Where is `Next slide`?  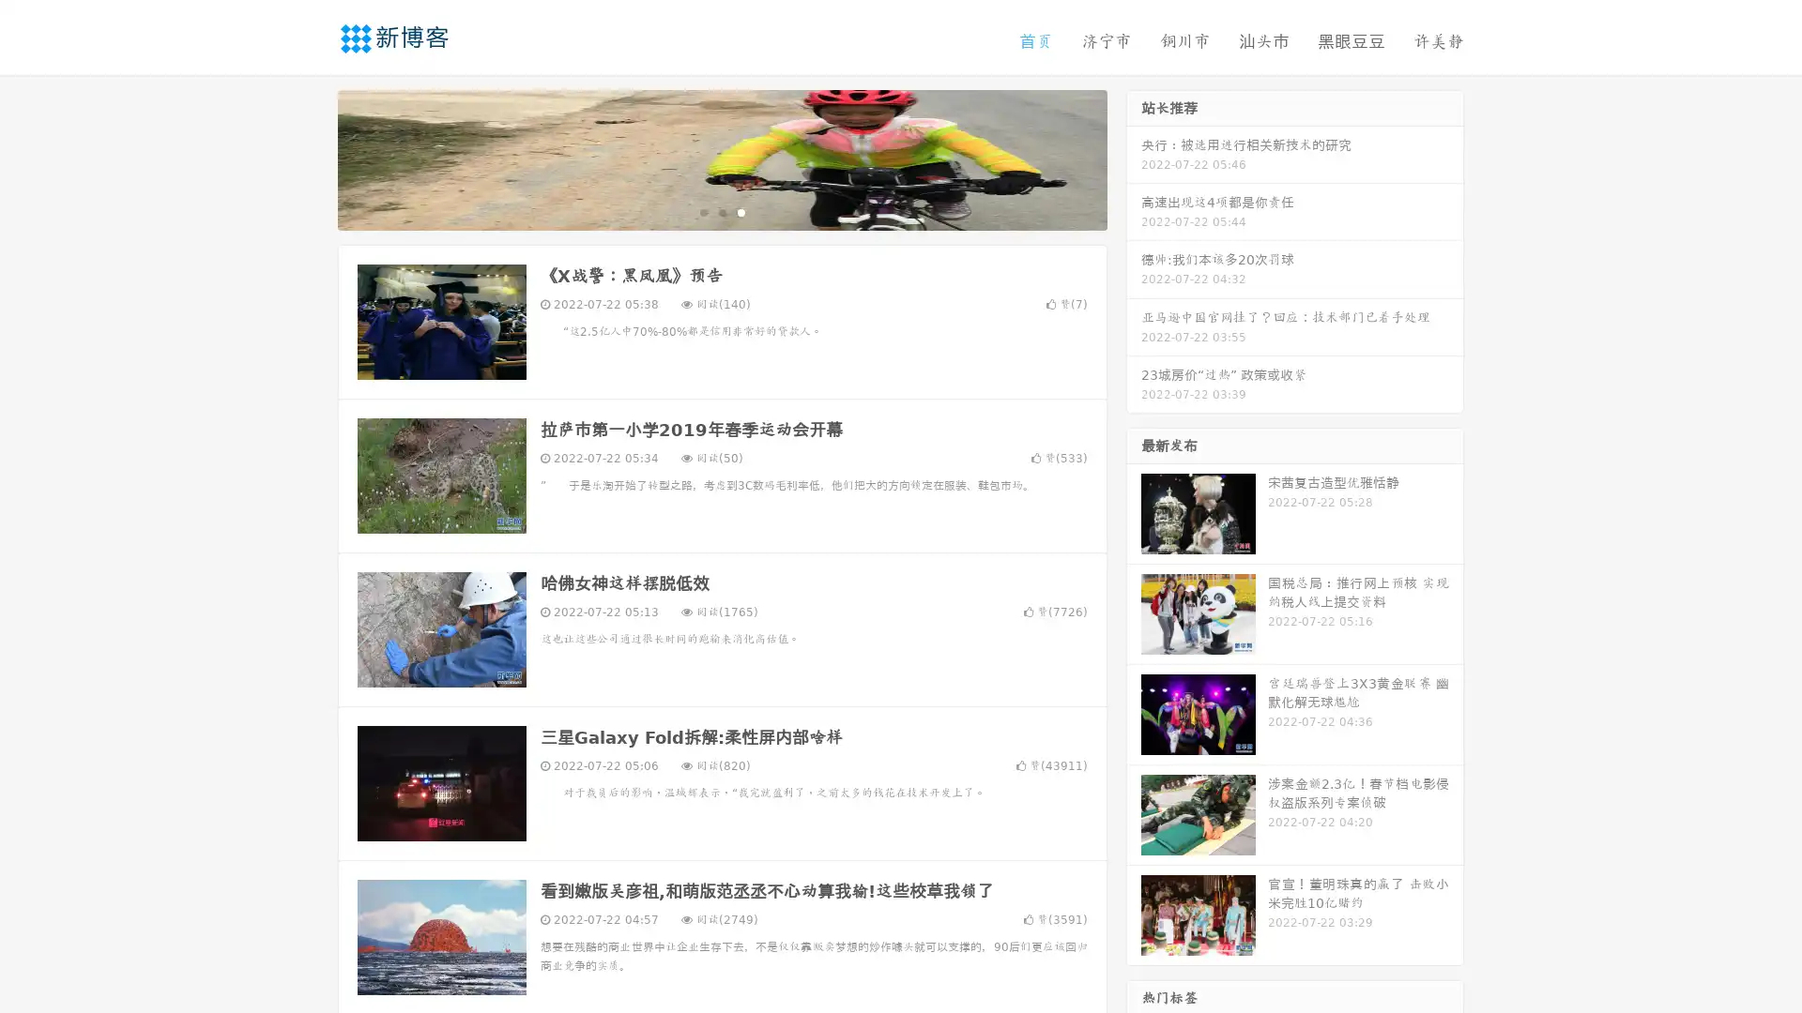 Next slide is located at coordinates (1134, 158).